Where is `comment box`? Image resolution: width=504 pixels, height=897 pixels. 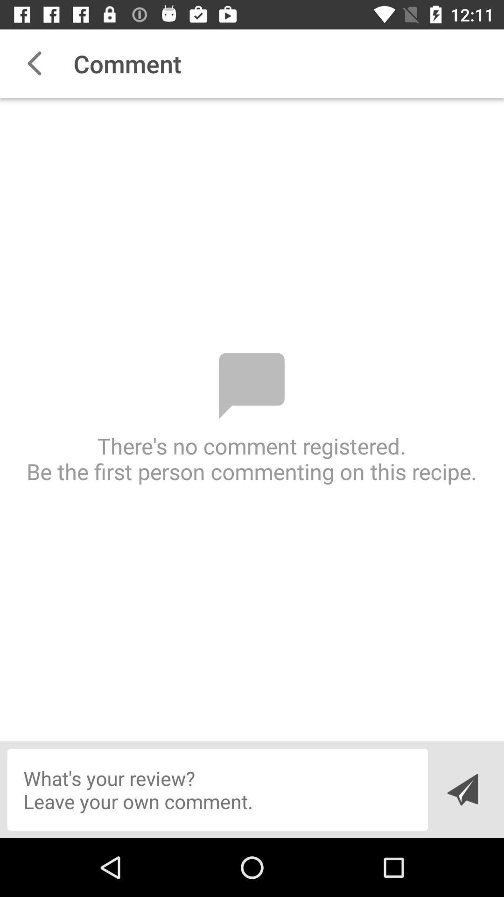
comment box is located at coordinates (217, 789).